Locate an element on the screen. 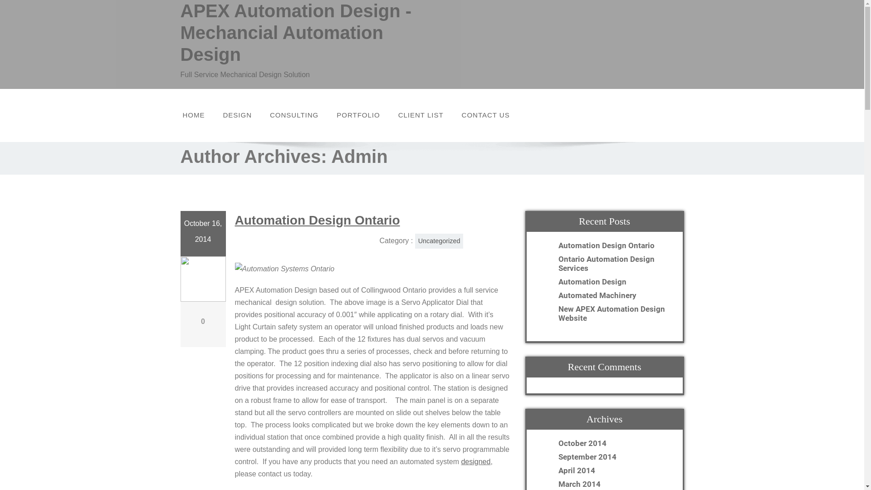 The height and width of the screenshot is (490, 871). 'September 2014' is located at coordinates (585, 456).